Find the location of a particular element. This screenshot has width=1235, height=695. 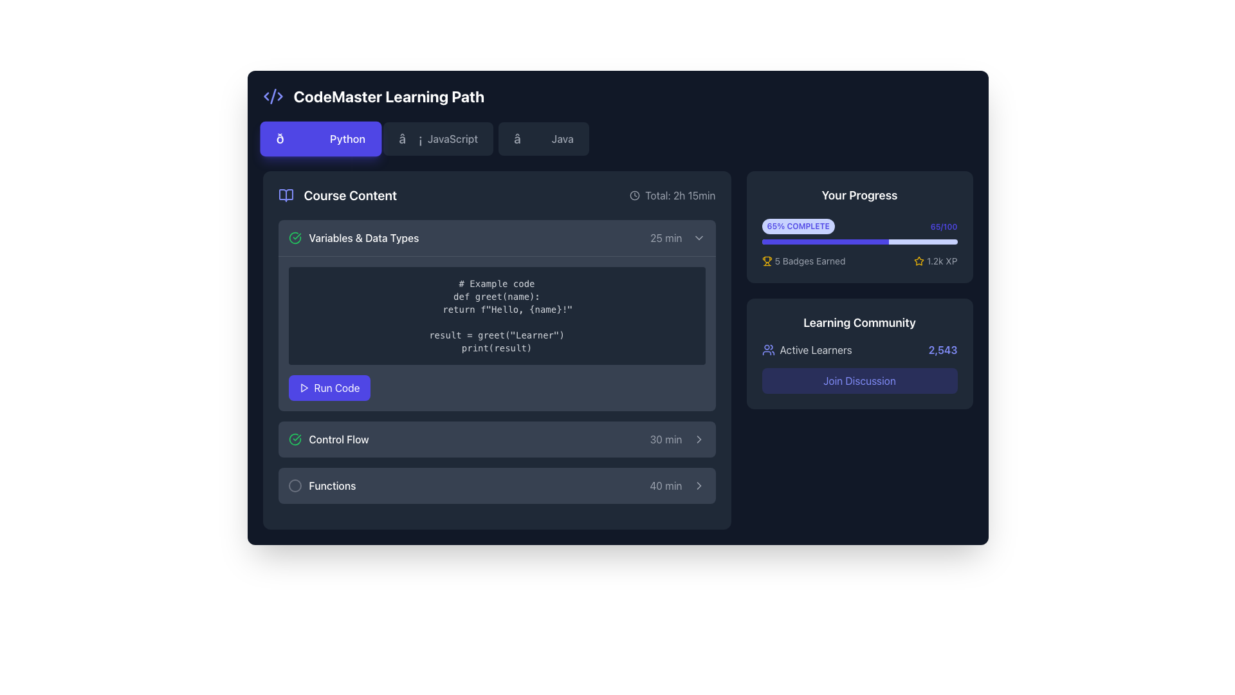

the circular indicator or marker with a gray border positioned to the left of the text 'Functions' in the interactive component list is located at coordinates (294, 486).